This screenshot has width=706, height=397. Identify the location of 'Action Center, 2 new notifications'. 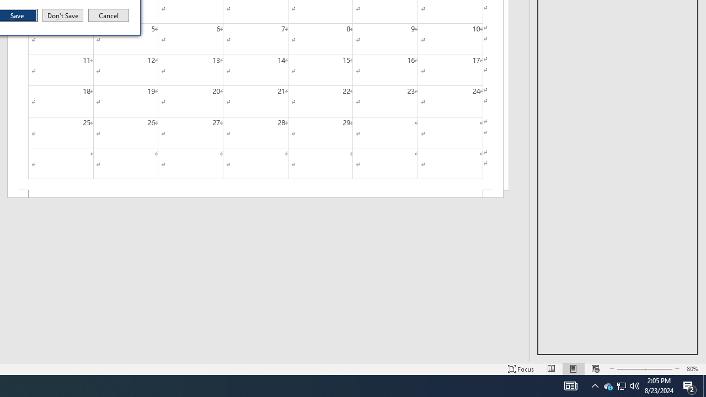
(689, 385).